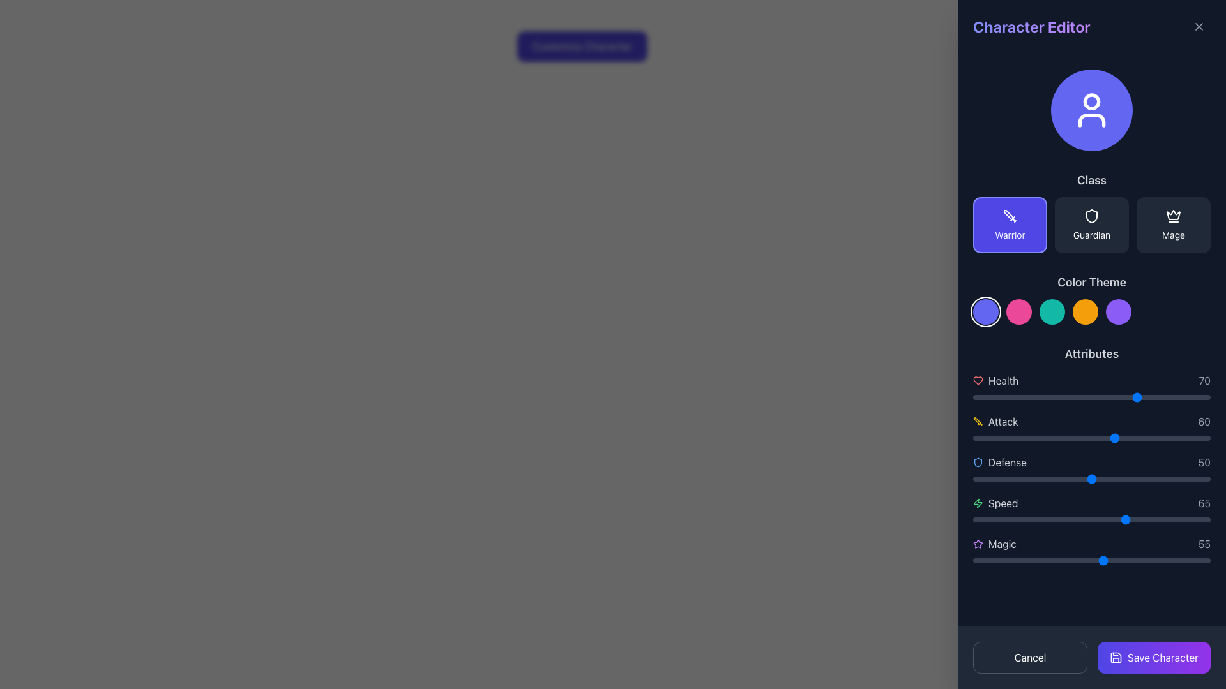  What do you see at coordinates (981, 479) in the screenshot?
I see `the defense level` at bounding box center [981, 479].